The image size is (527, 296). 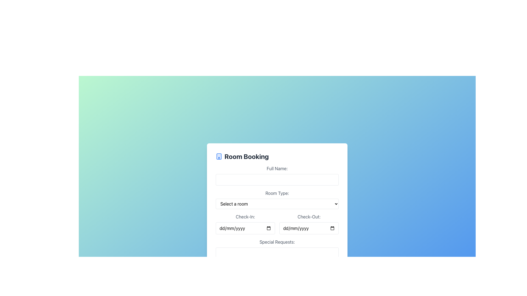 I want to click on the interactive date input fields for check-in and check-out, so click(x=277, y=224).